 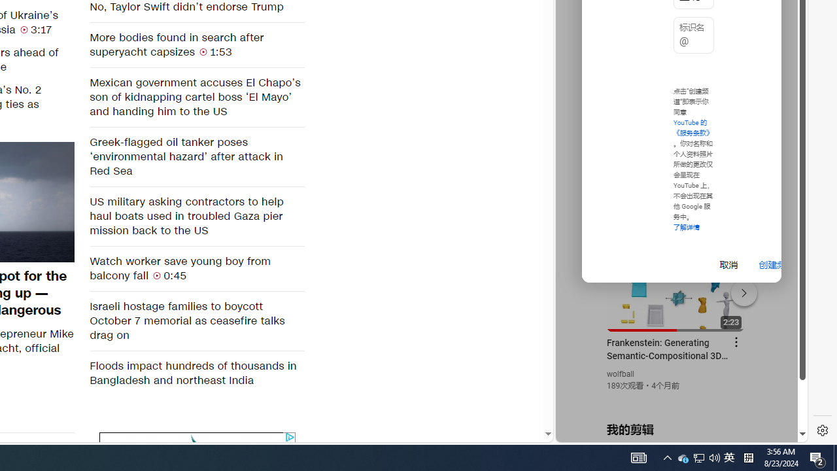 I want to click on 'User Promoted Notification Area', so click(x=698, y=457).